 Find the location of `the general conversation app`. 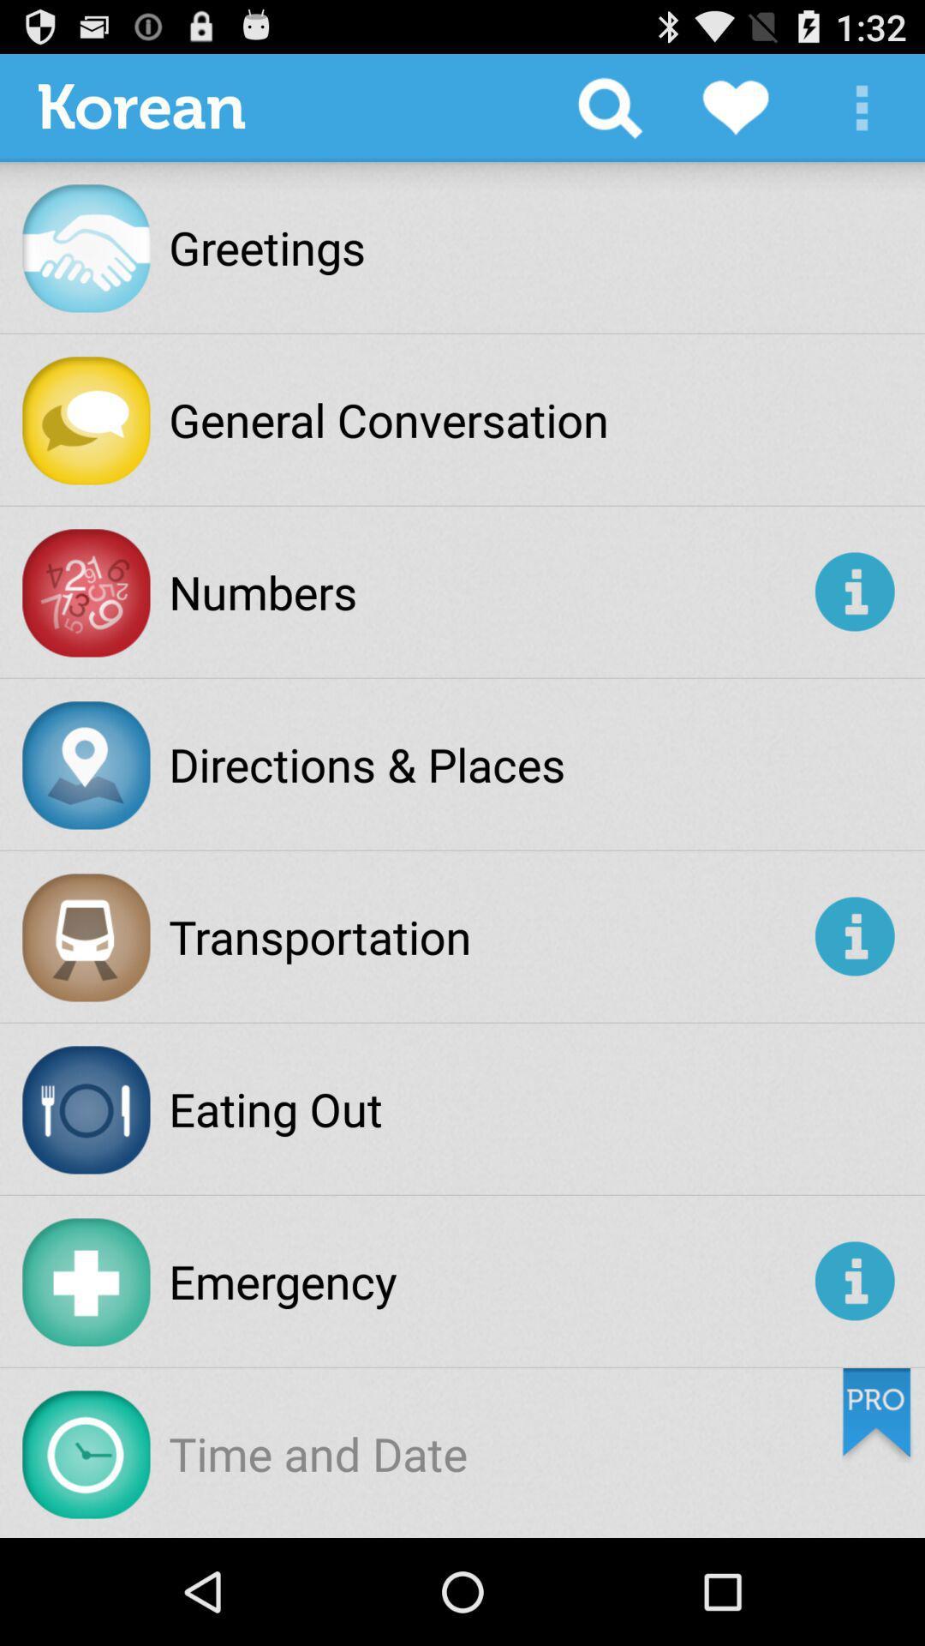

the general conversation app is located at coordinates (389, 419).